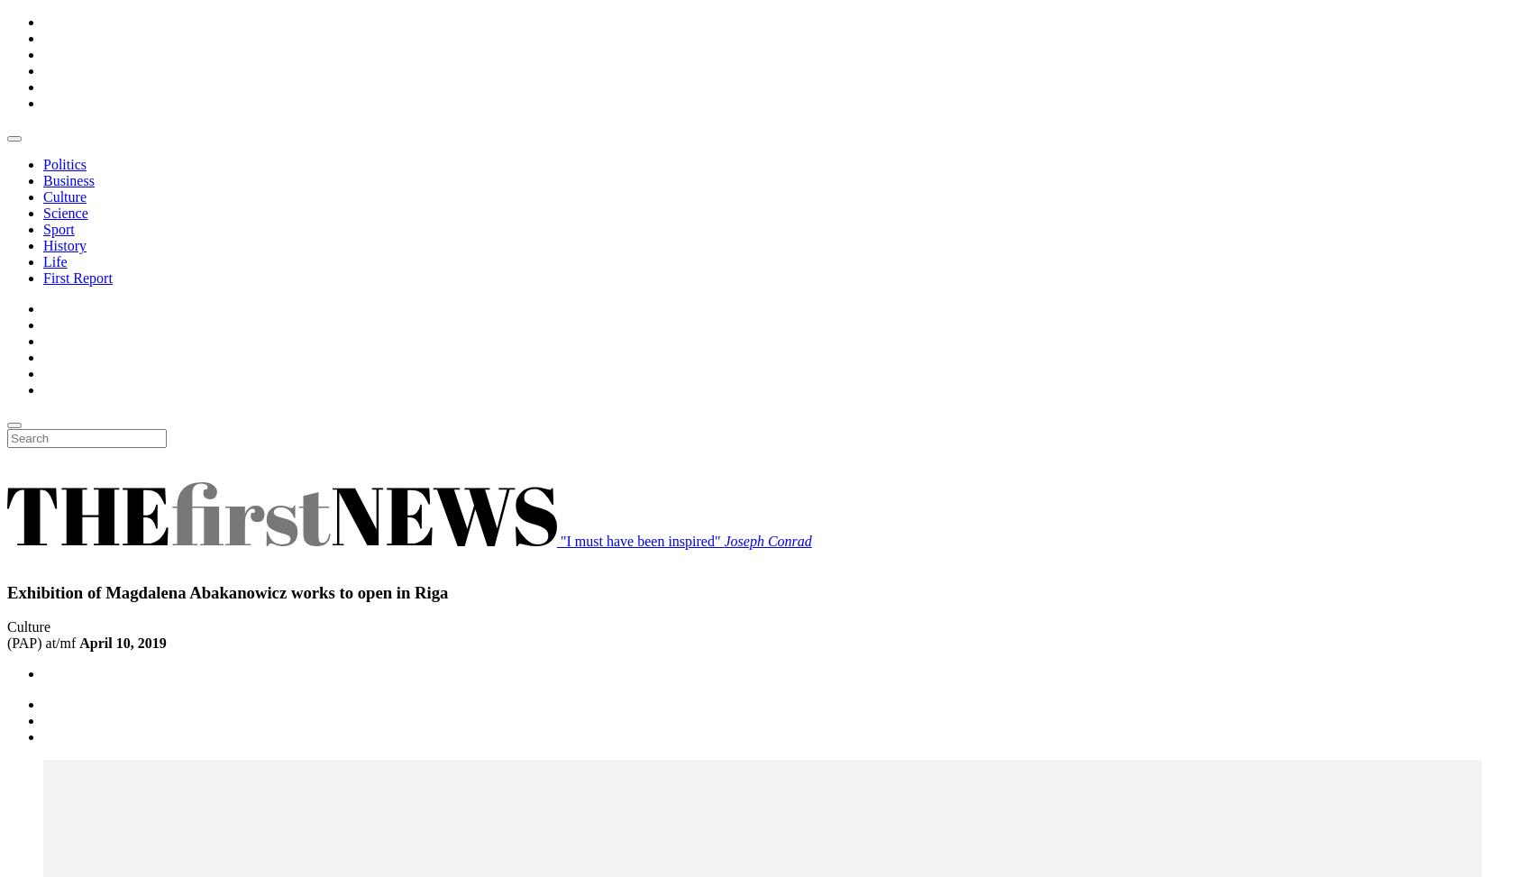 The height and width of the screenshot is (877, 1525). Describe the element at coordinates (77, 278) in the screenshot. I see `'First Report'` at that location.